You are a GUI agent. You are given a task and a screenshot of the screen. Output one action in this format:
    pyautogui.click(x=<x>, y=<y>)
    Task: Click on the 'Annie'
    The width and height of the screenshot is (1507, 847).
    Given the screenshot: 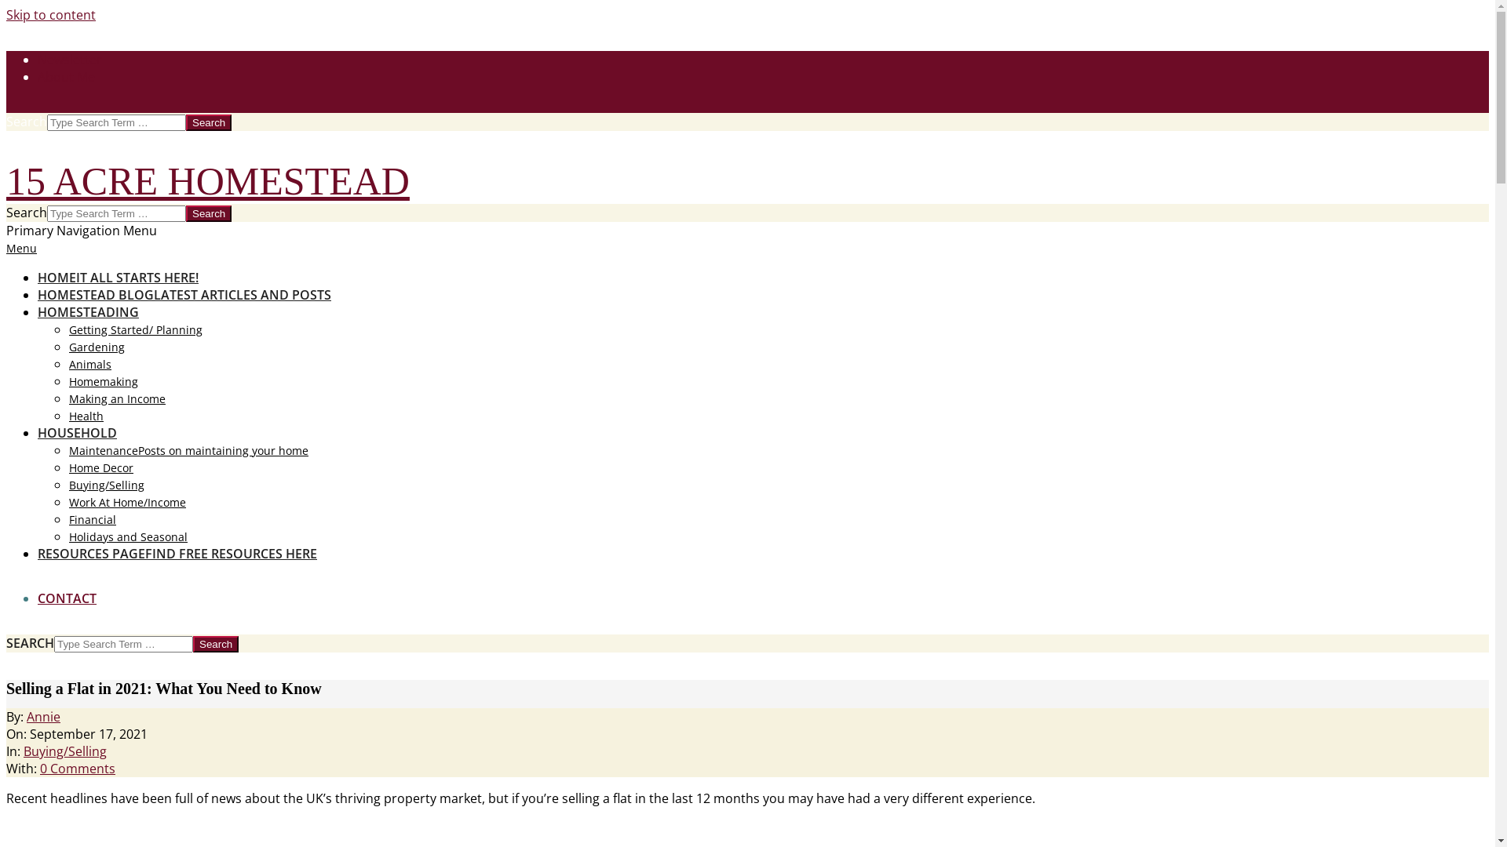 What is the action you would take?
    pyautogui.click(x=43, y=717)
    